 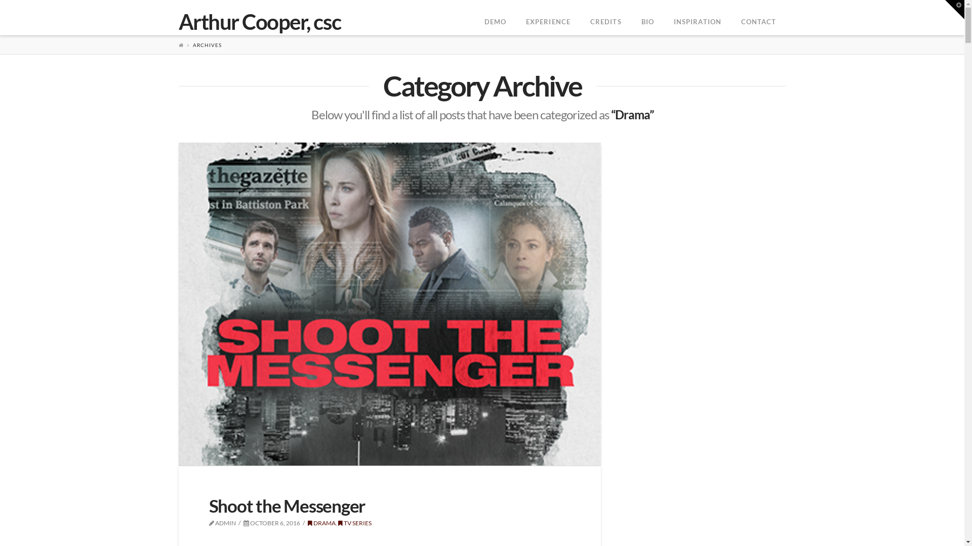 I want to click on 'CONTACT', so click(x=758, y=17).